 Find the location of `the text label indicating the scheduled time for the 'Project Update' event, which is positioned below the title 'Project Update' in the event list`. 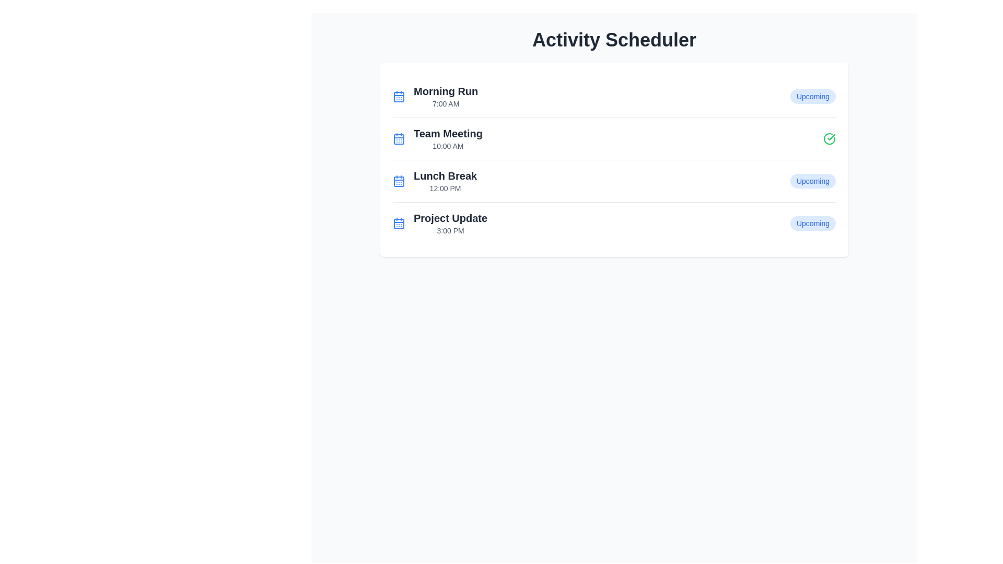

the text label indicating the scheduled time for the 'Project Update' event, which is positioned below the title 'Project Update' in the event list is located at coordinates (450, 230).